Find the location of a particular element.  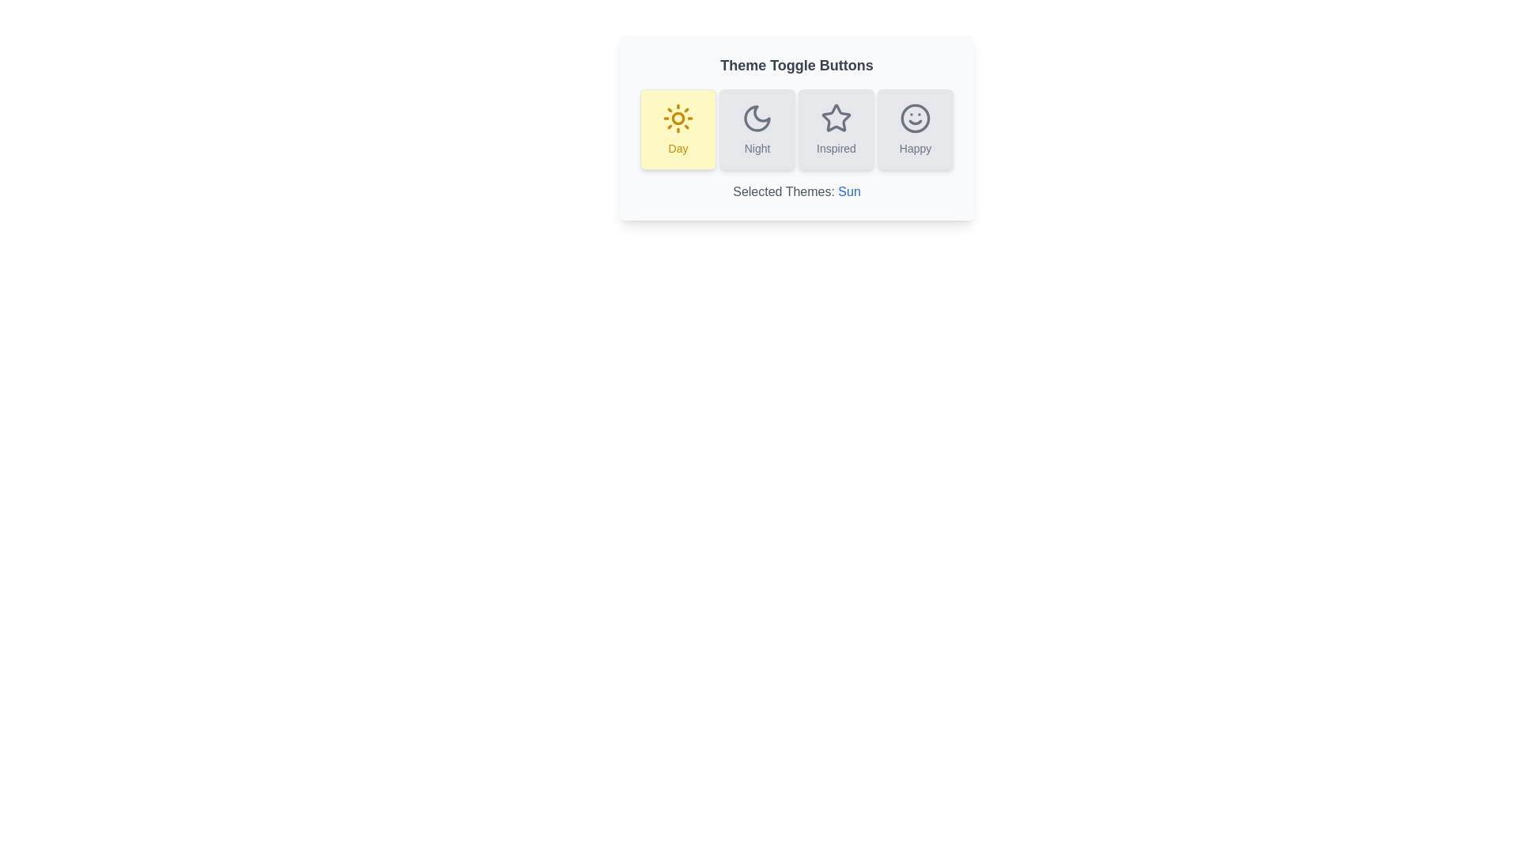

the 'Day' theme toggle button, which is represented by a sun icon located at the top-center of the interface, specifically the first button from the left is located at coordinates (678, 118).